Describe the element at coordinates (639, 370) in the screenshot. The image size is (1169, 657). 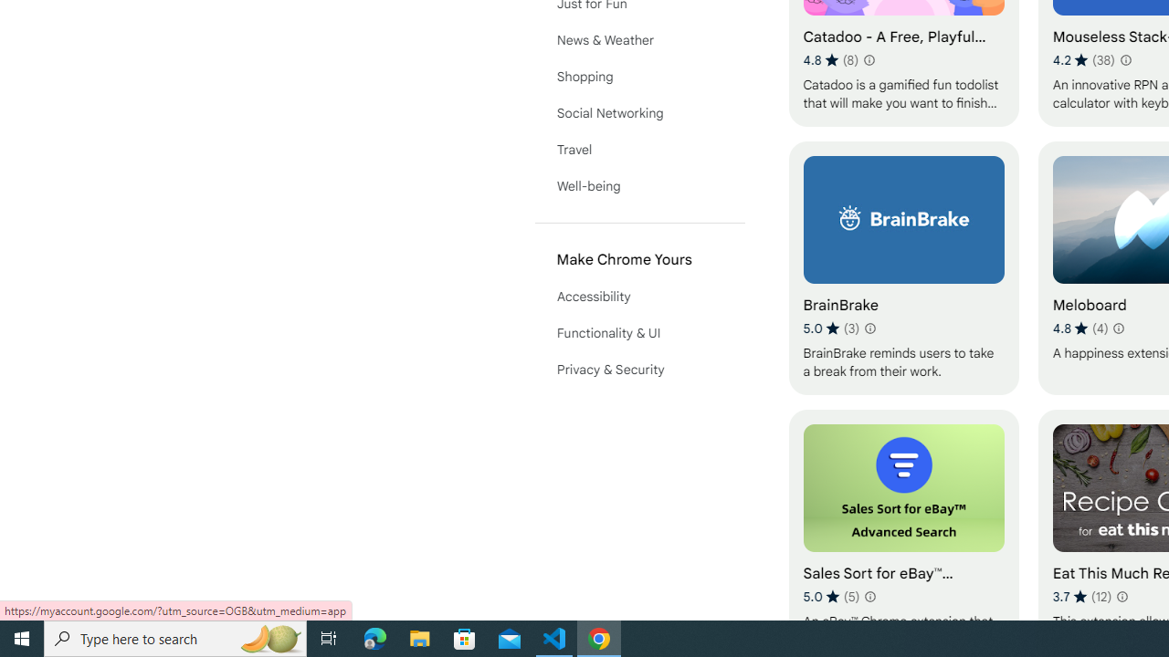
I see `'Privacy & Security'` at that location.